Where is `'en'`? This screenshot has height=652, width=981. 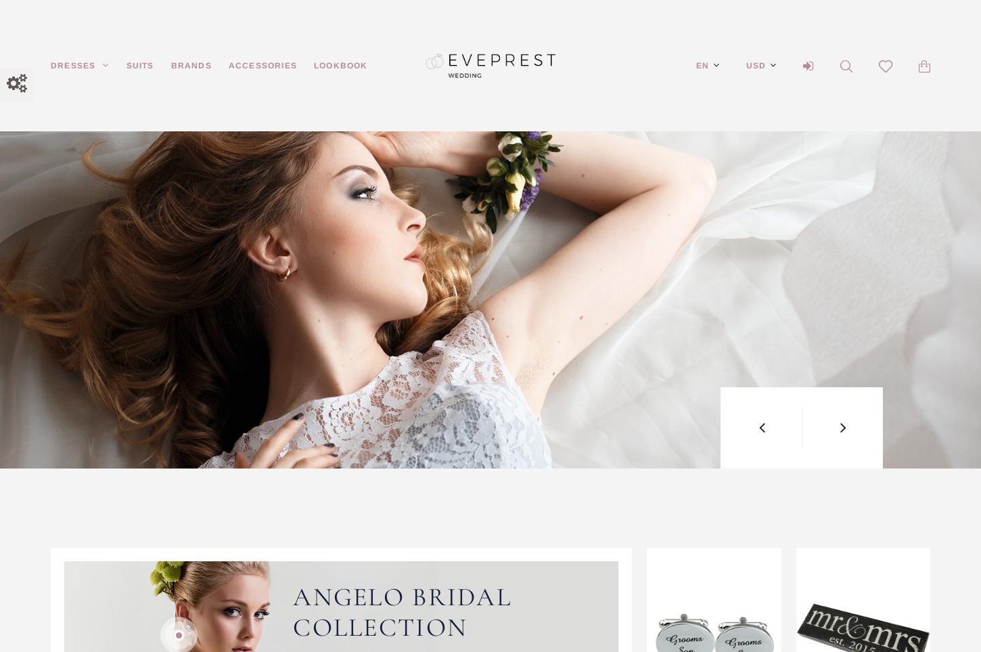 'en' is located at coordinates (702, 64).